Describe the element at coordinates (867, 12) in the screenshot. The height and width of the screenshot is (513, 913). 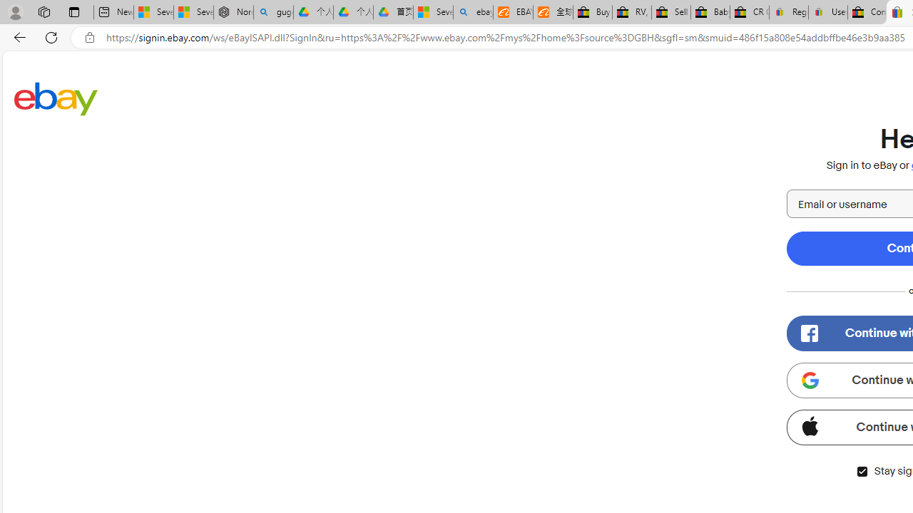
I see `'Consumer Health Data Privacy Policy - eBay Inc.'` at that location.